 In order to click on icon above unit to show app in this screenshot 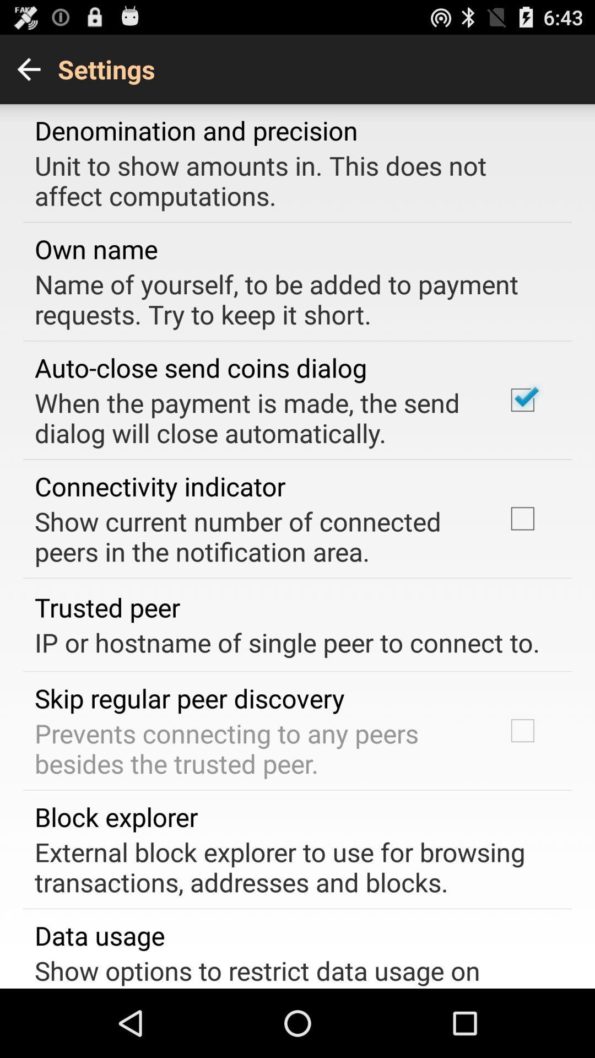, I will do `click(196, 130)`.